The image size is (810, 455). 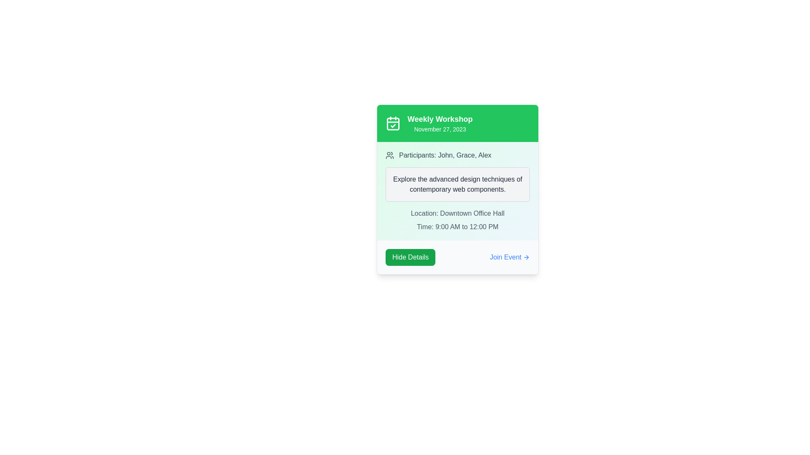 What do you see at coordinates (410, 257) in the screenshot?
I see `the 'Hide Details' button, which is rectangular with rounded corners and has a green background` at bounding box center [410, 257].